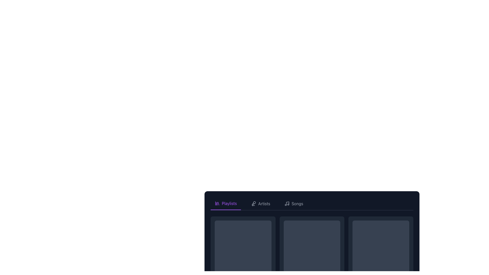 This screenshot has width=489, height=275. Describe the element at coordinates (225, 203) in the screenshot. I see `the Interactive Navigation Tab, the first item in a horizontally arranged list of three items within the menu, located on the left-hand side preceding 'Artists' and 'Songs'` at that location.